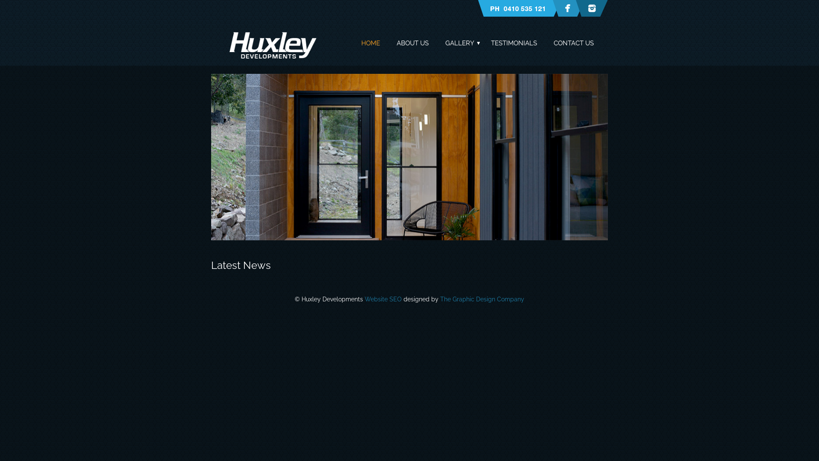 This screenshot has width=819, height=461. Describe the element at coordinates (513, 43) in the screenshot. I see `'TESTIMONIALS'` at that location.